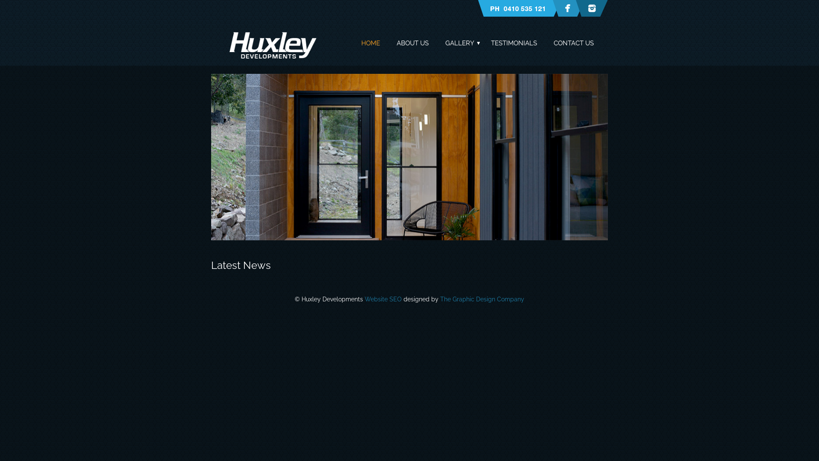 This screenshot has width=819, height=461. Describe the element at coordinates (513, 43) in the screenshot. I see `'TESTIMONIALS'` at that location.